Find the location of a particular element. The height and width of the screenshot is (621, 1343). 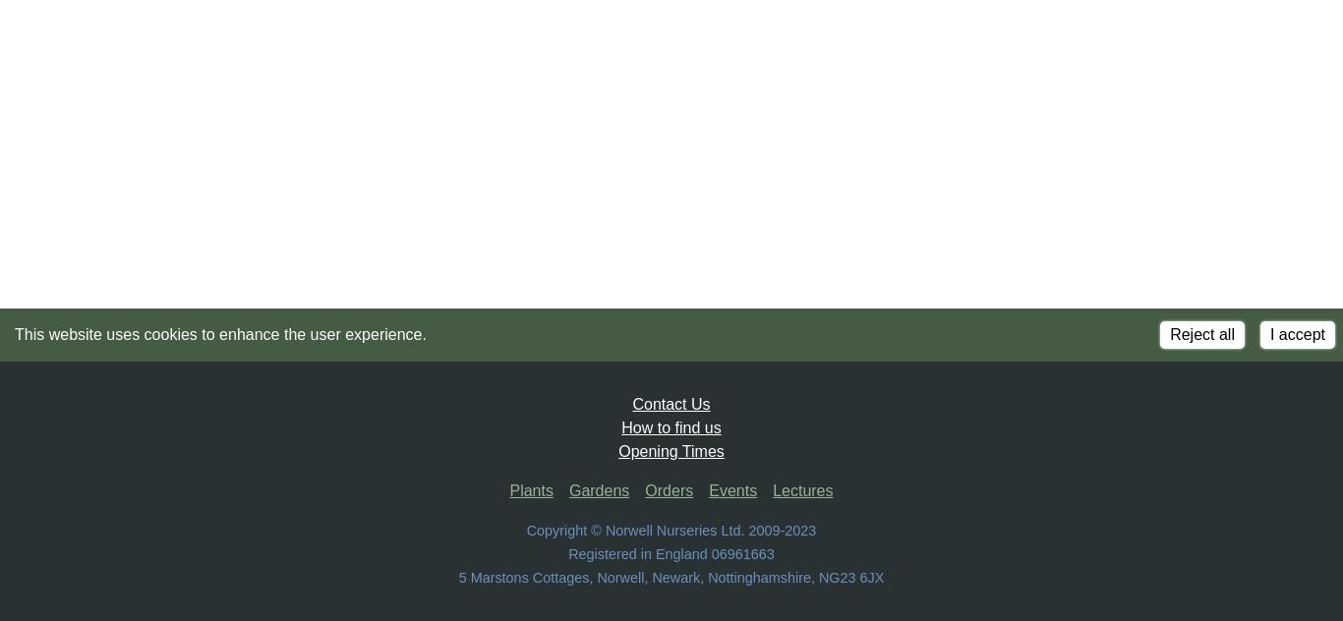

'Reject all' is located at coordinates (1201, 334).